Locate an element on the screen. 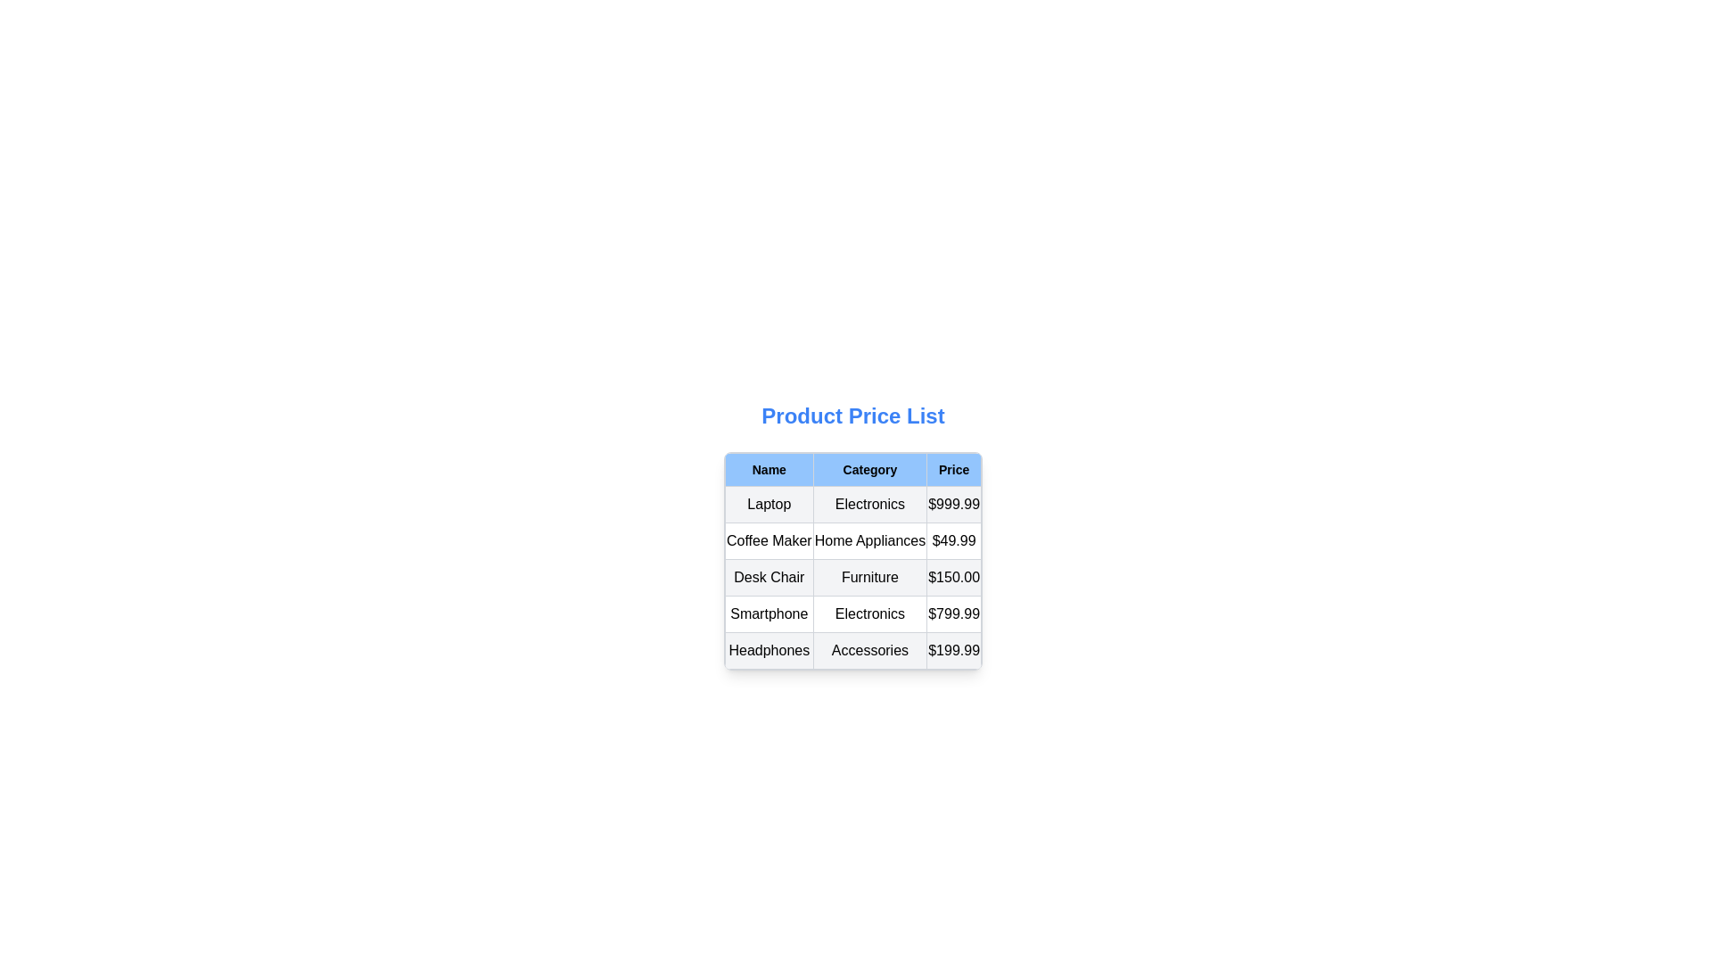 The height and width of the screenshot is (963, 1712). text displayed in the Text label indicating the product name 'Headphones', which is located in the last row of the table under the 'Name' column is located at coordinates (769, 650).